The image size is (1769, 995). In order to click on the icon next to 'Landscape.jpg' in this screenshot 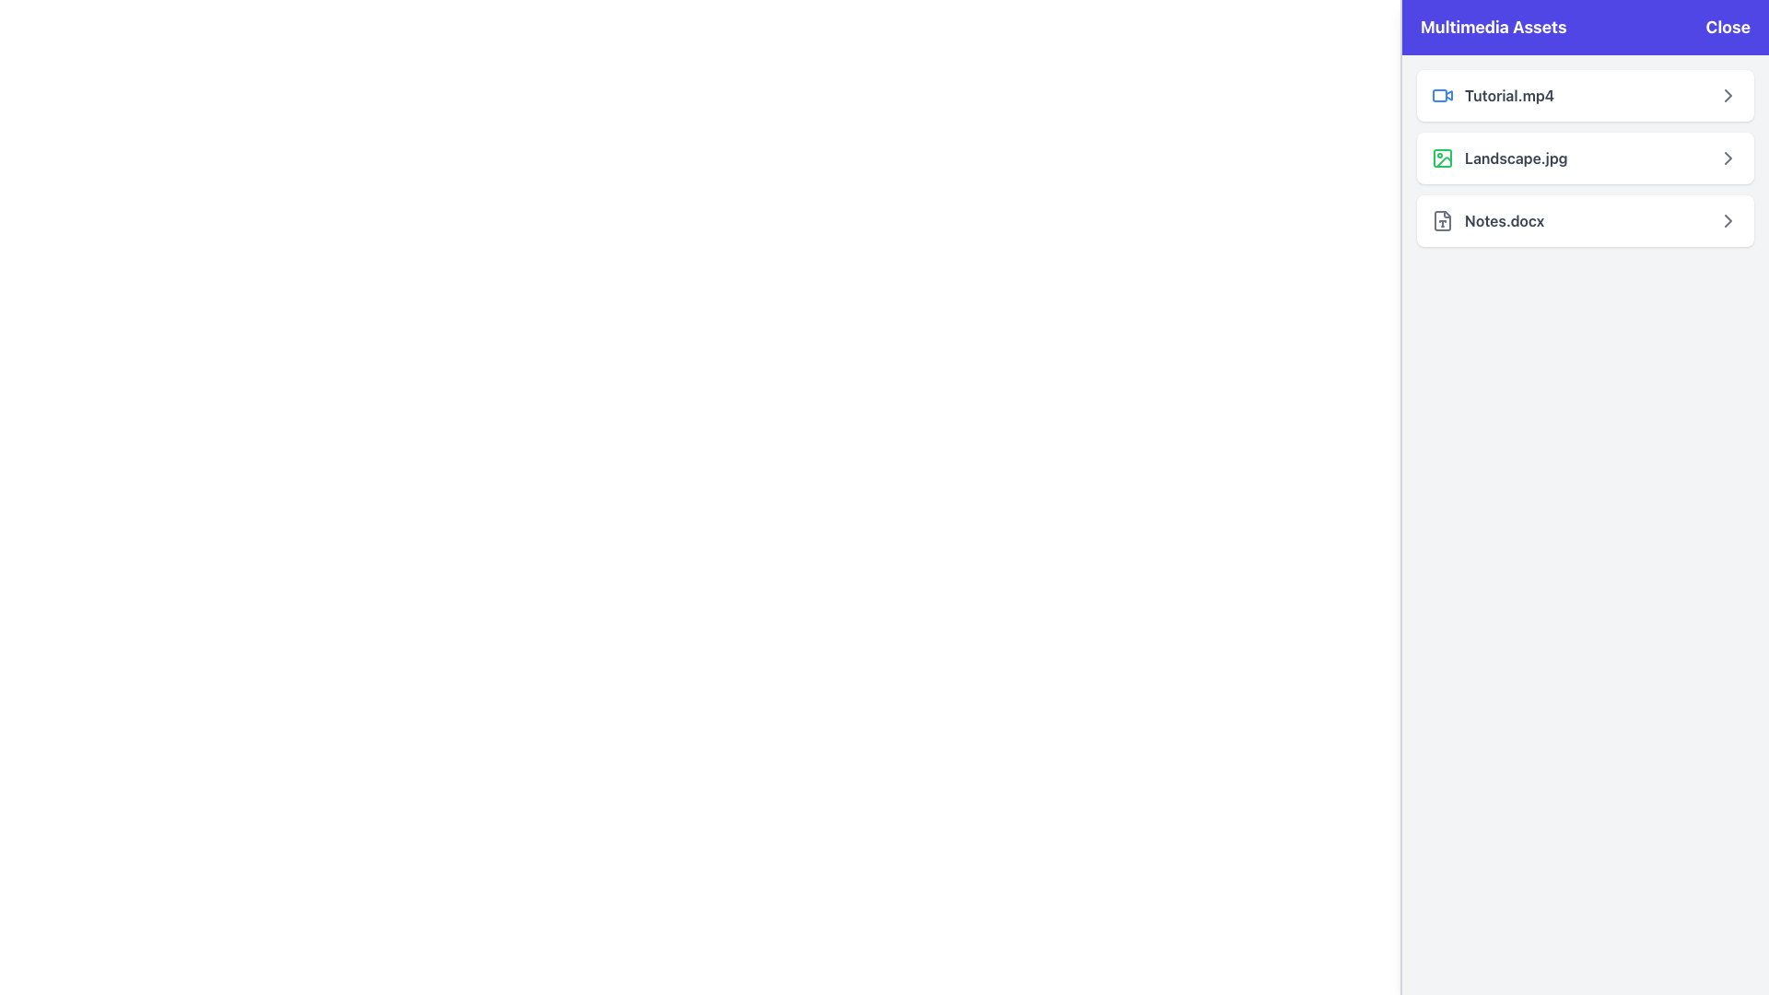, I will do `click(1728, 96)`.